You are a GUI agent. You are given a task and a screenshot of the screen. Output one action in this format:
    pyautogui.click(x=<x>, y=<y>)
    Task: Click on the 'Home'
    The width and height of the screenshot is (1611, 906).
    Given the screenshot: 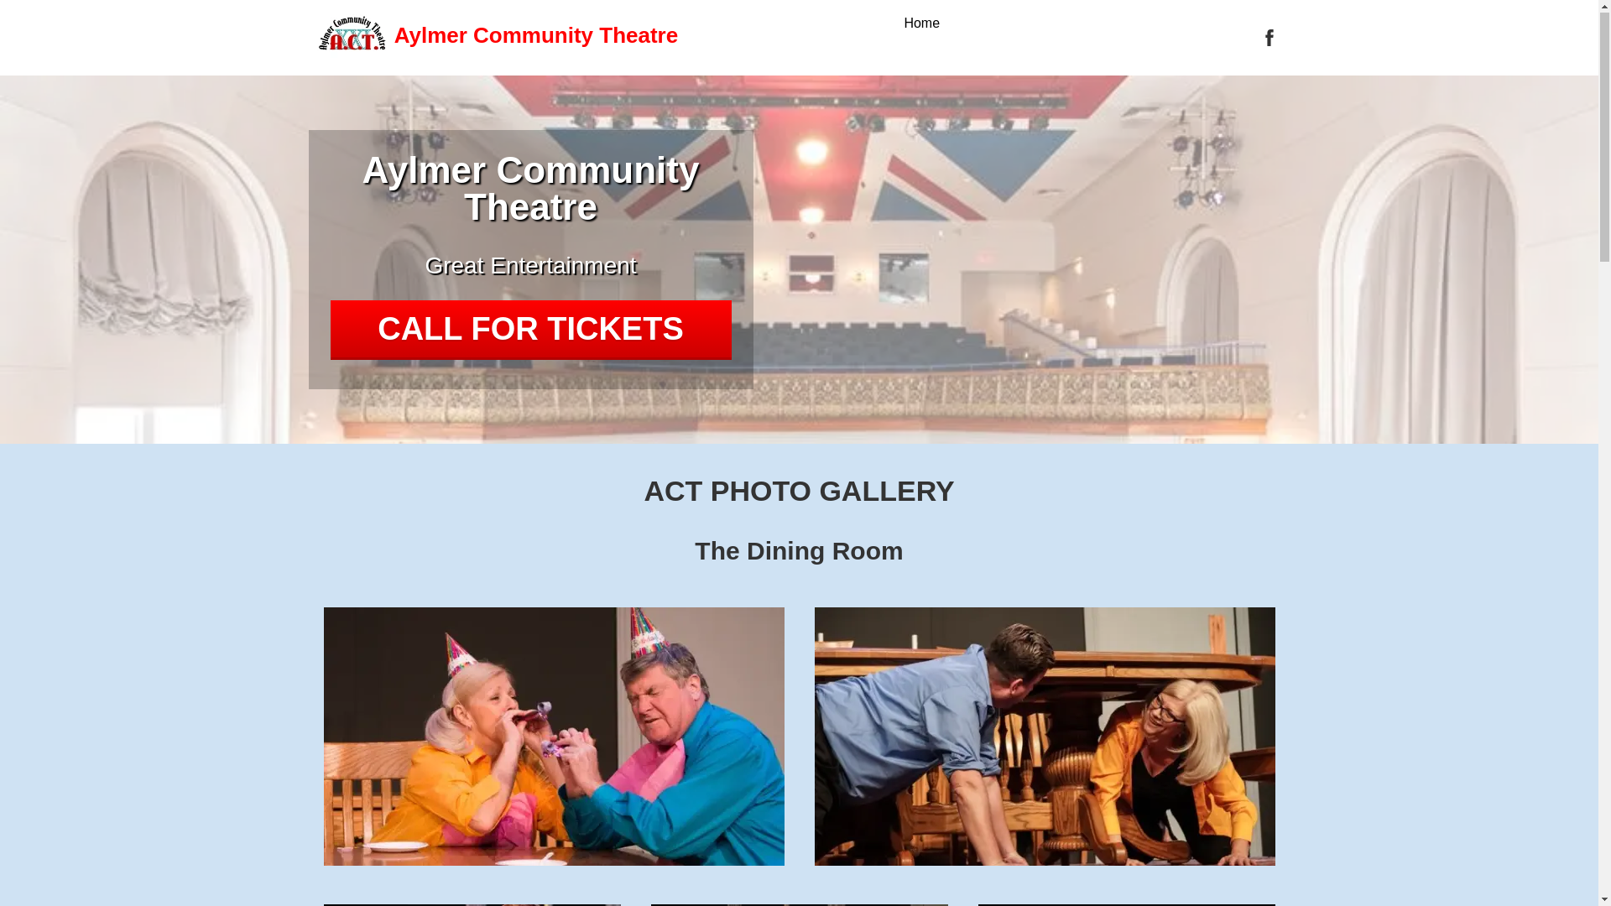 What is the action you would take?
    pyautogui.click(x=920, y=24)
    